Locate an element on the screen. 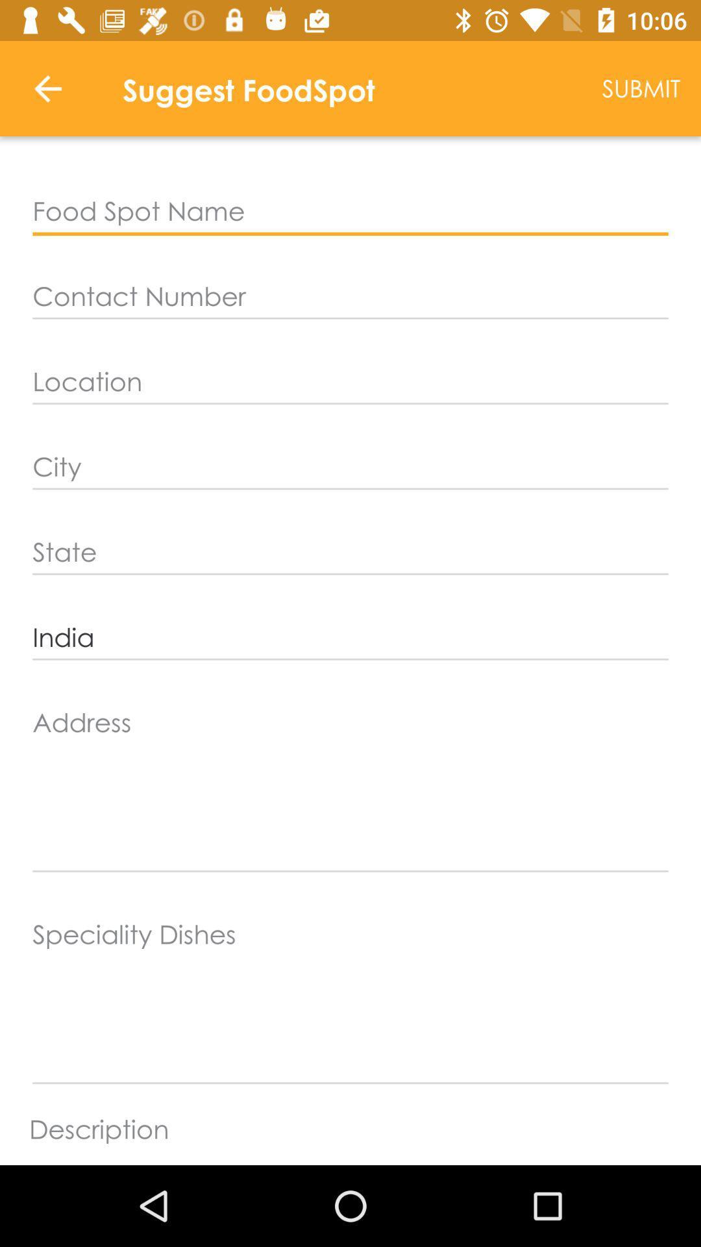  the item to the right of the suggest foodspot item is located at coordinates (641, 88).